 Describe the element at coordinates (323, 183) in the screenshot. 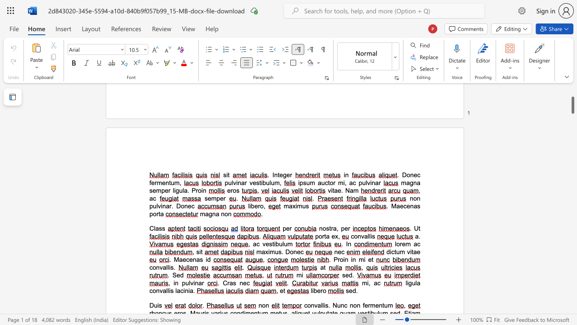

I see `the 2th character "u" in the text` at that location.